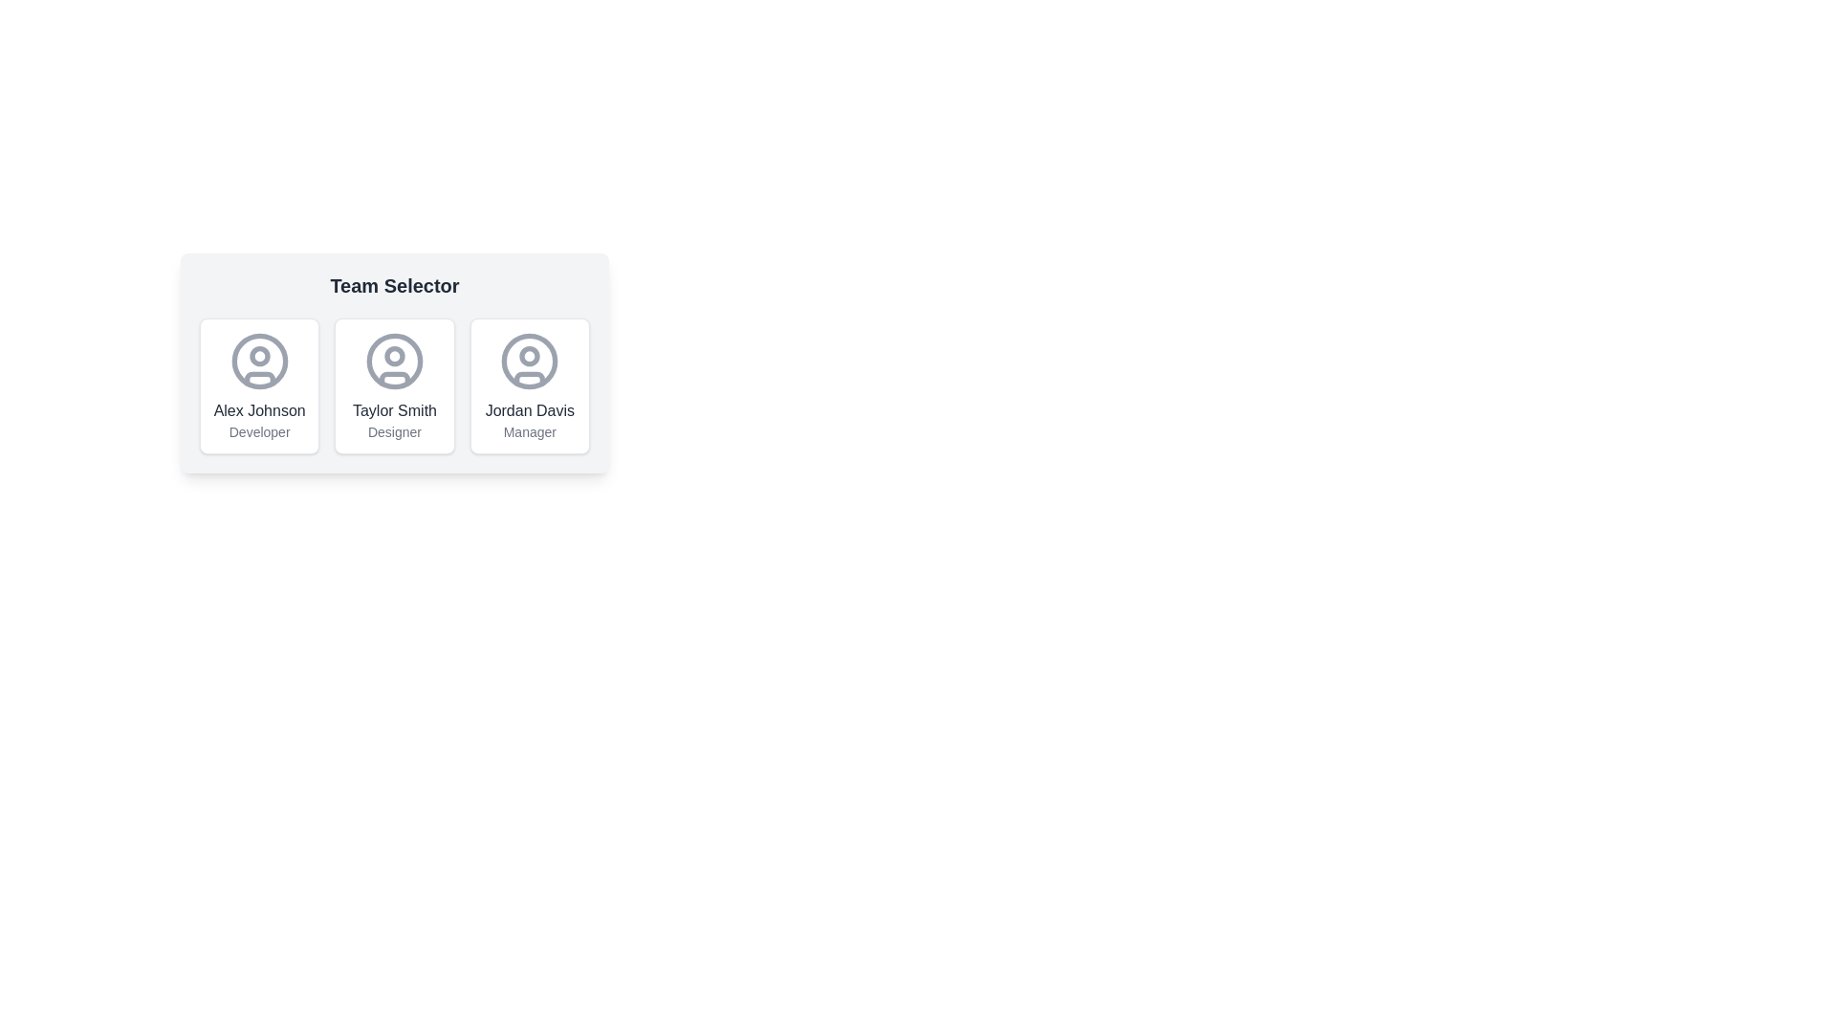 The image size is (1836, 1033). What do you see at coordinates (530, 431) in the screenshot?
I see `the 'Manager' text label element located at the bottom section of Jordan Davis's card, which is centrally aligned within the card` at bounding box center [530, 431].